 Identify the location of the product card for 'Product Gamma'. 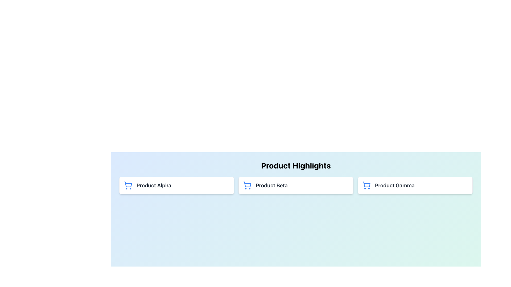
(415, 185).